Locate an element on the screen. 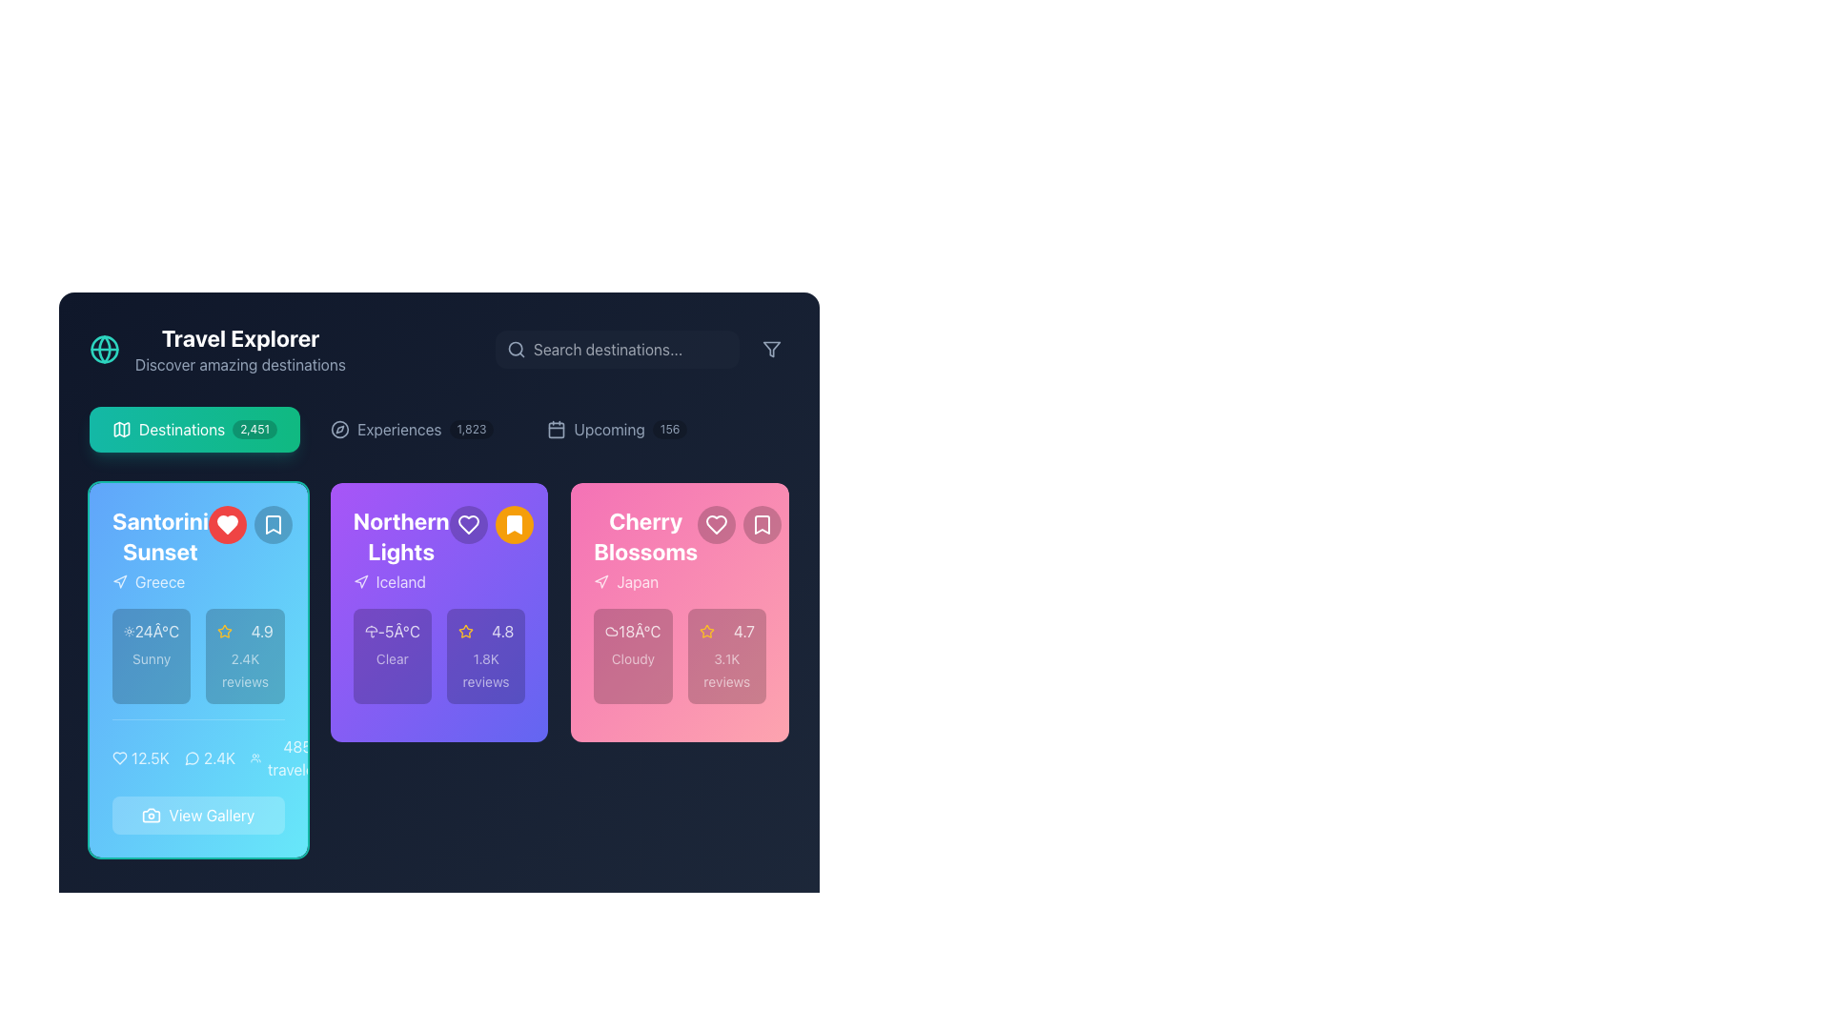  temperature displayed in the text label located in the 'Santorini Sunset' card under the 'Travel Explorer' header, near the sun weather icon is located at coordinates (156, 632).